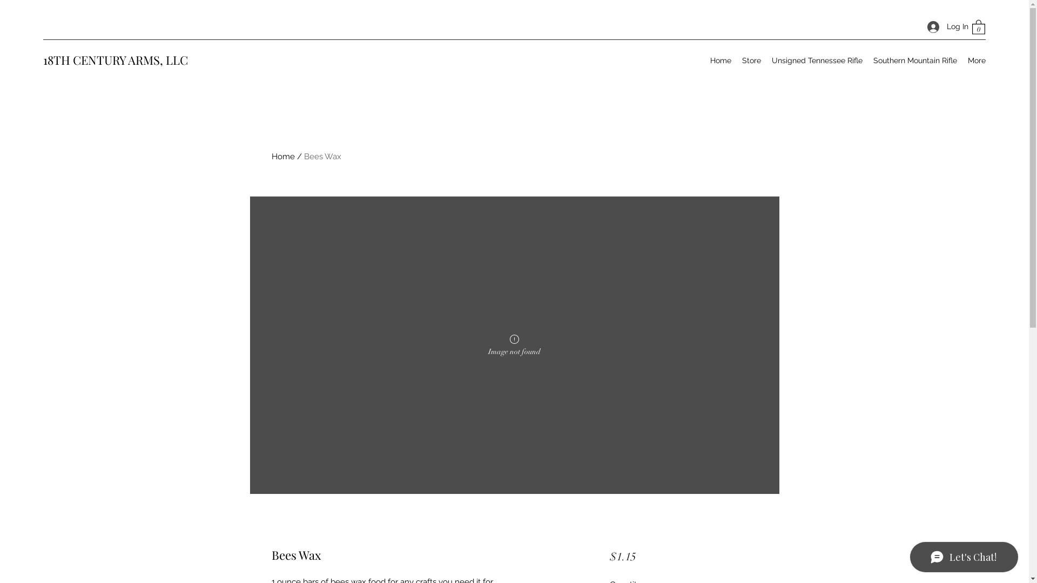 The image size is (1037, 583). Describe the element at coordinates (751, 60) in the screenshot. I see `'Store'` at that location.